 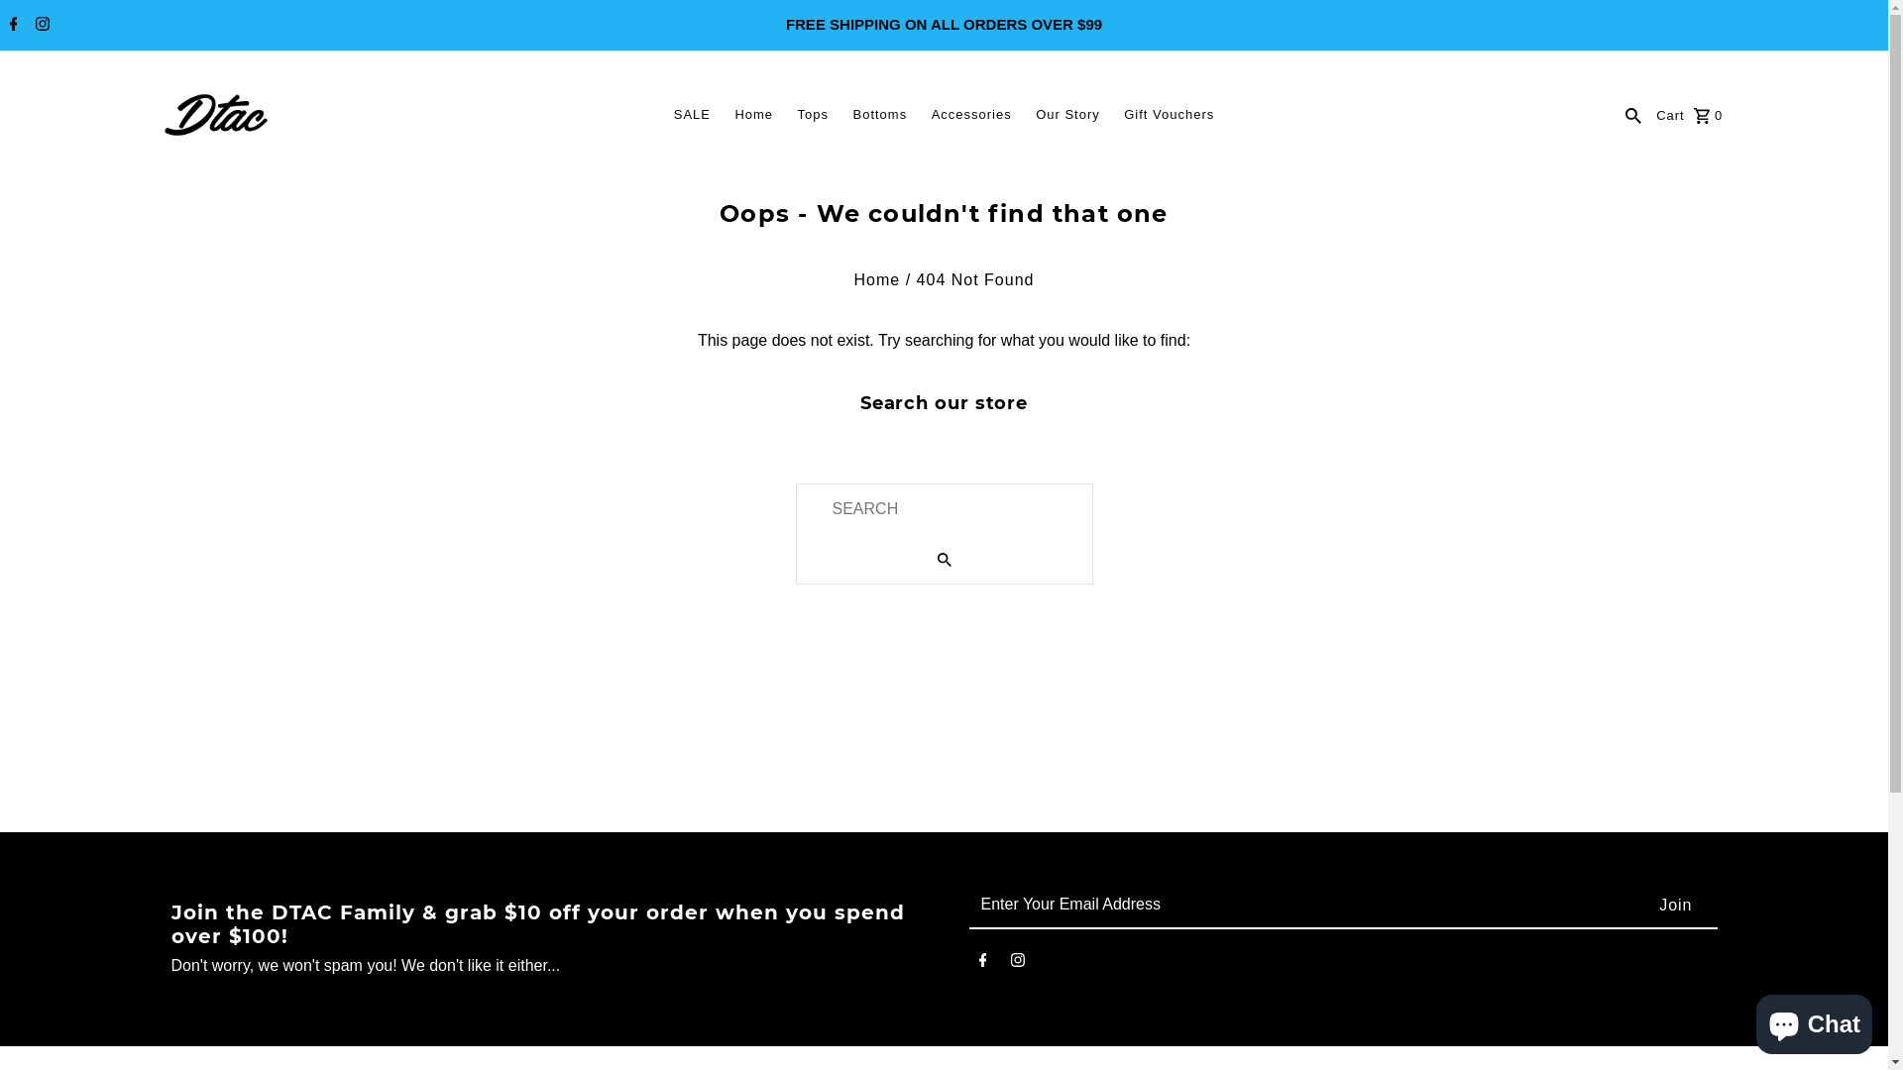 What do you see at coordinates (692, 114) in the screenshot?
I see `'SALE'` at bounding box center [692, 114].